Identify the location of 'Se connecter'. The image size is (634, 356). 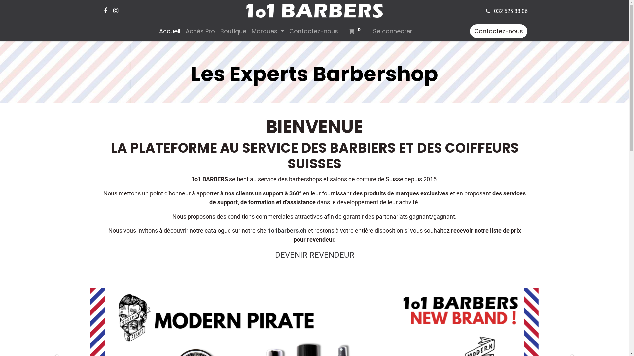
(393, 31).